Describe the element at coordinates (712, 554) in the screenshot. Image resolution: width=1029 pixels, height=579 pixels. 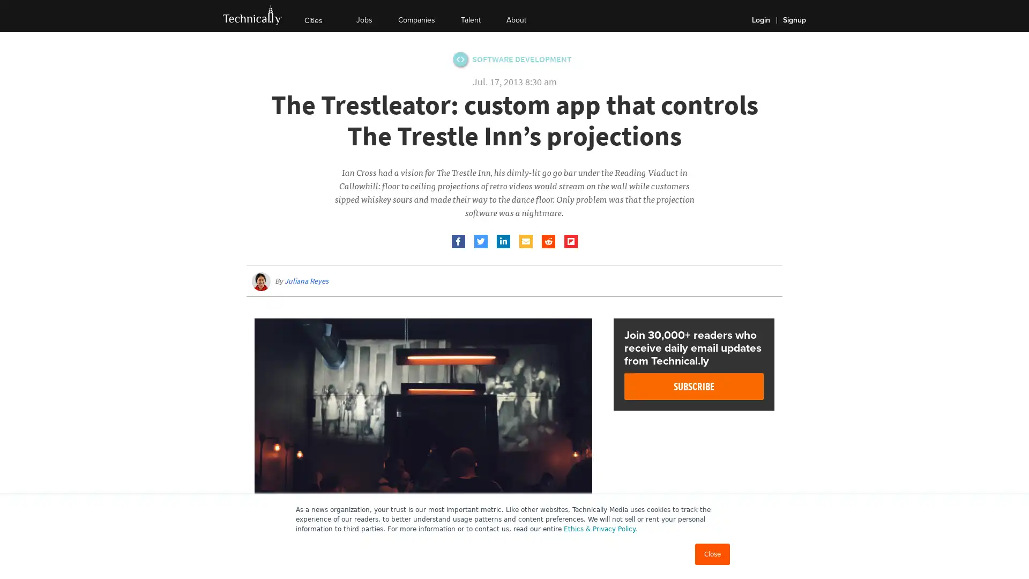
I see `Close` at that location.